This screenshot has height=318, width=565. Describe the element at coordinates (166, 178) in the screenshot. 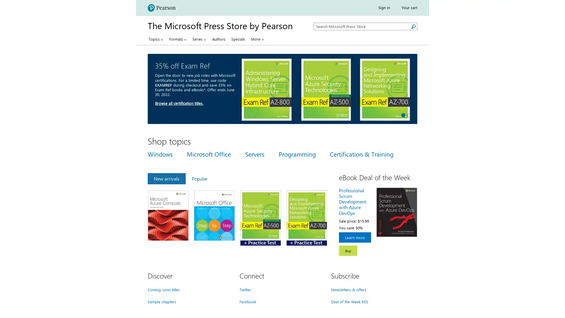

I see `New arrivals` at that location.